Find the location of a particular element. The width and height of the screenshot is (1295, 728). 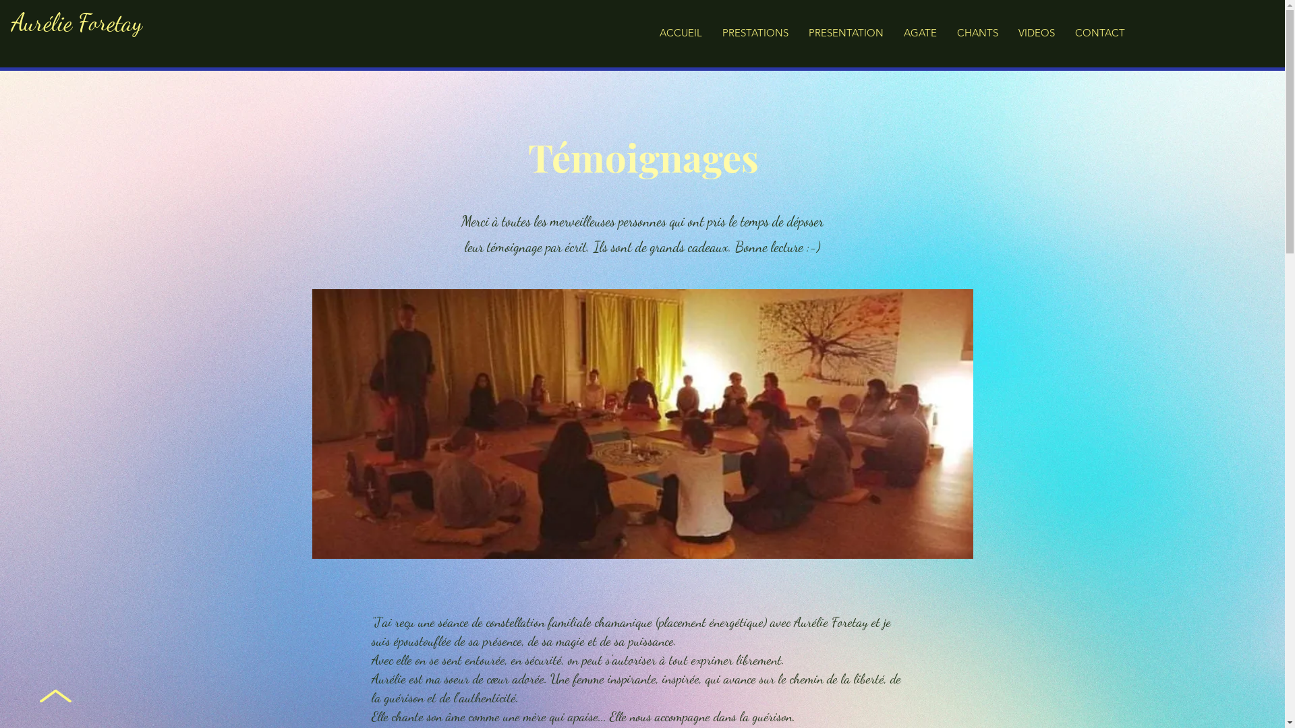

'PRESENTATION' is located at coordinates (845, 32).